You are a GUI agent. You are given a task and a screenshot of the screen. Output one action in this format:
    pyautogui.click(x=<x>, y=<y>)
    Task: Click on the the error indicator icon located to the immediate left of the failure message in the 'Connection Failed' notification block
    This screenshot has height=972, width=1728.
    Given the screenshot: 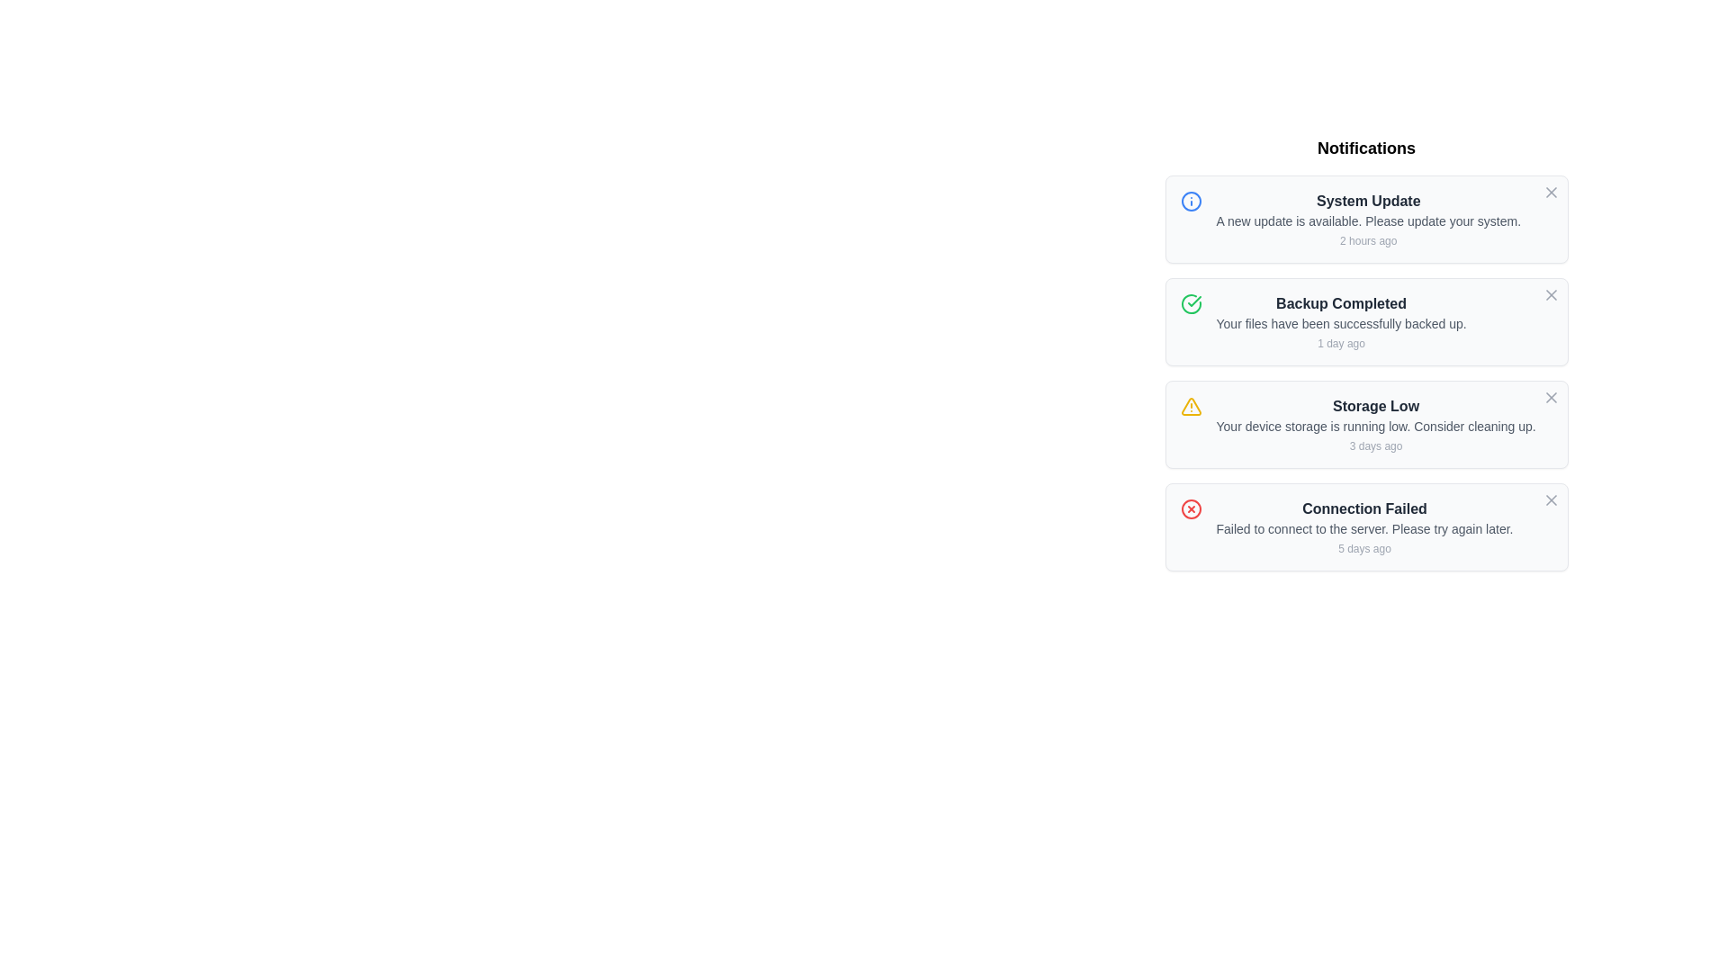 What is the action you would take?
    pyautogui.click(x=1191, y=509)
    